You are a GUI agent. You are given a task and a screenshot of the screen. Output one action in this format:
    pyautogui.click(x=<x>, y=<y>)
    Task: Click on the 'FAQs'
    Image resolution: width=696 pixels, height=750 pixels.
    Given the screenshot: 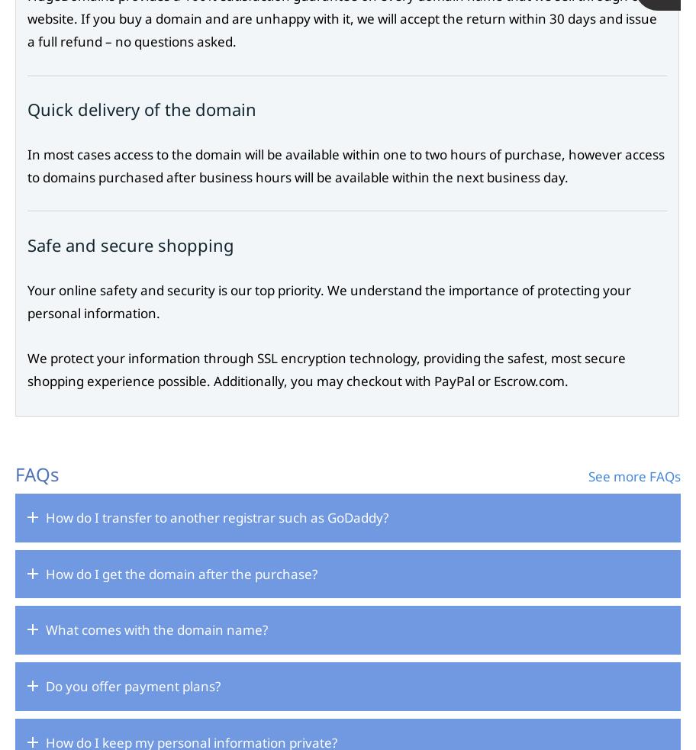 What is the action you would take?
    pyautogui.click(x=36, y=473)
    